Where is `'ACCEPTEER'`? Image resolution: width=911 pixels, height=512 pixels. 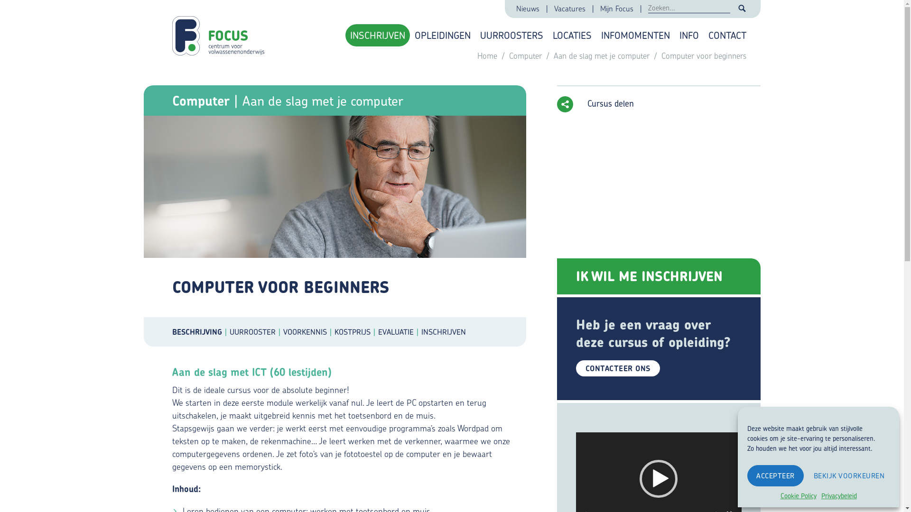 'ACCEPTEER' is located at coordinates (775, 475).